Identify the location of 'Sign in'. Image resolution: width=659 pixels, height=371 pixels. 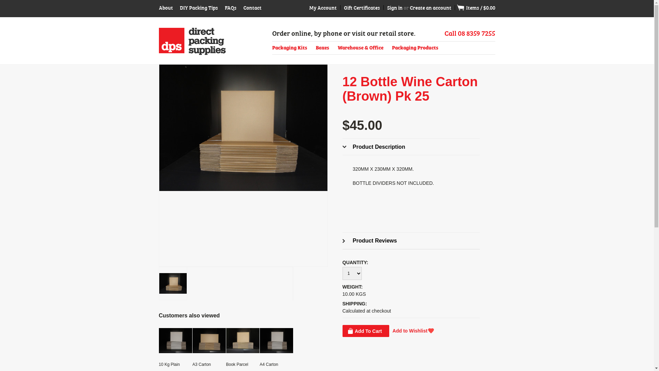
(395, 8).